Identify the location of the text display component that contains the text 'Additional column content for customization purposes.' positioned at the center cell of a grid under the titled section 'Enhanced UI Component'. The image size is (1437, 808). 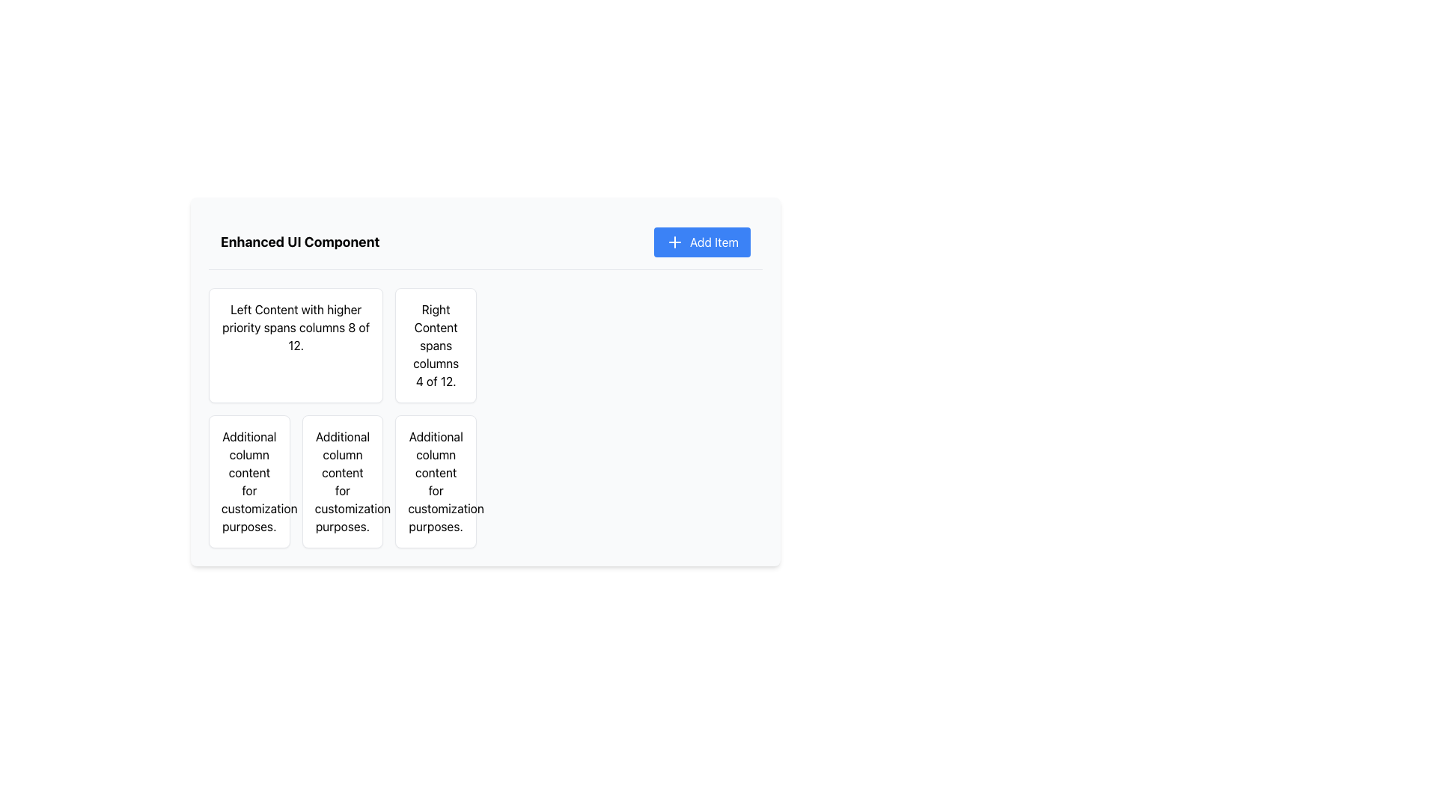
(341, 482).